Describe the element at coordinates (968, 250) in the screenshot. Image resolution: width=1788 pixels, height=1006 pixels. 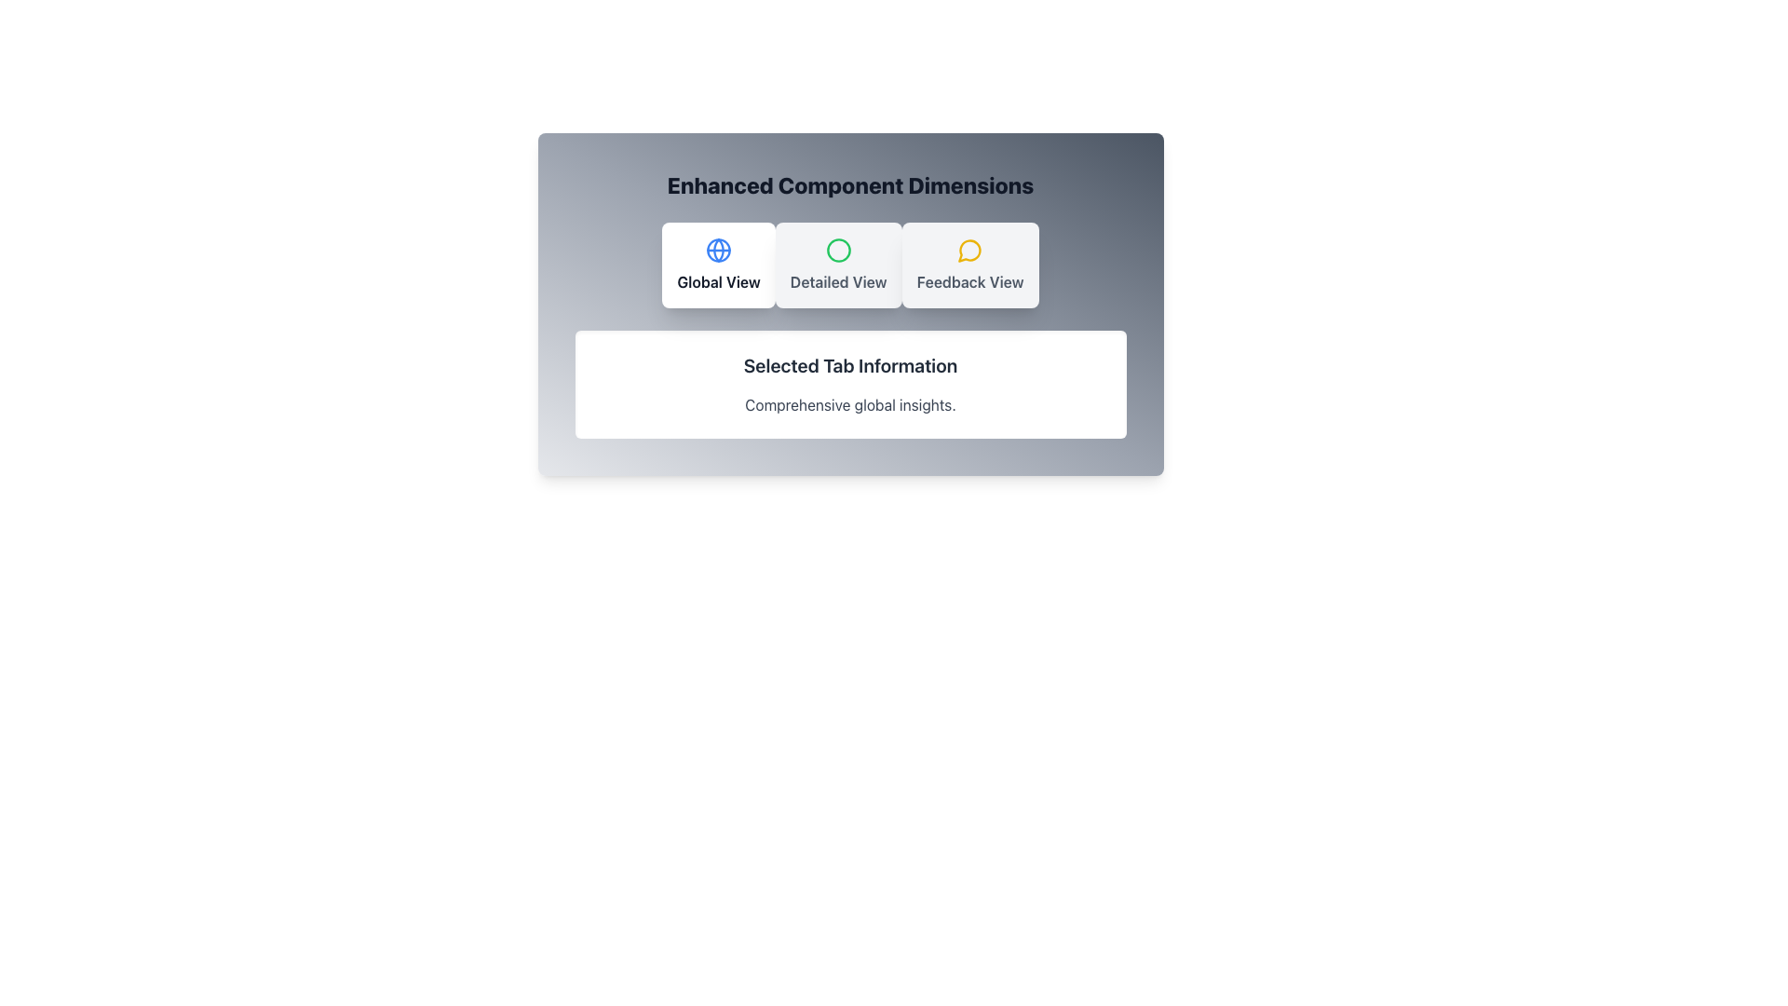
I see `the speech bubble icon located in the 'Feedback View' tab, which is represented as a circular shape with a distinctive curve` at that location.